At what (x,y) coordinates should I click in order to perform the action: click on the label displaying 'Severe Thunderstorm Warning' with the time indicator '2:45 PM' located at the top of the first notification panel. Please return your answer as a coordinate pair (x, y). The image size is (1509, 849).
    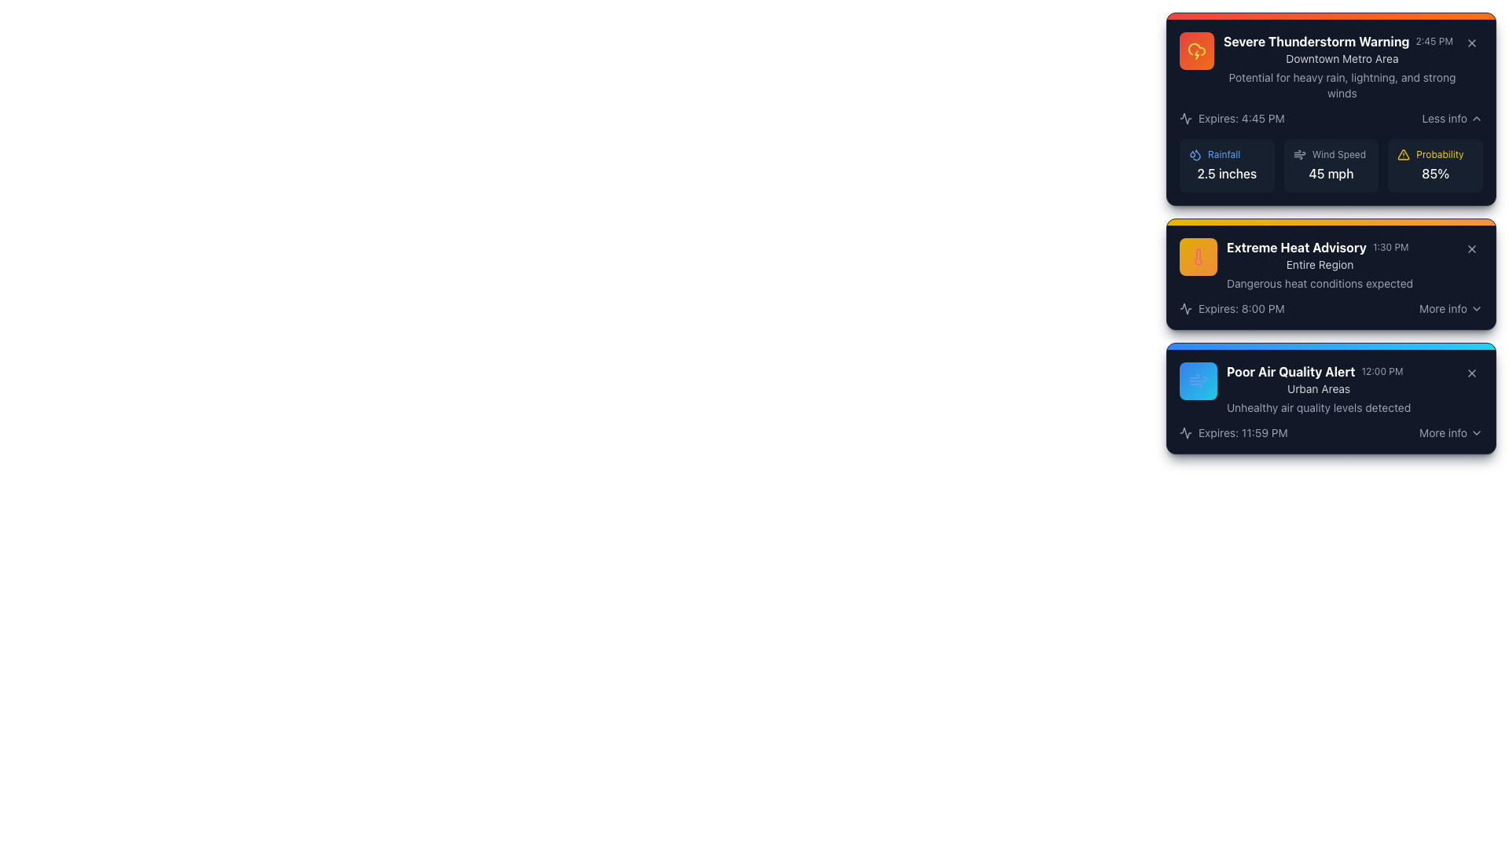
    Looking at the image, I should click on (1342, 41).